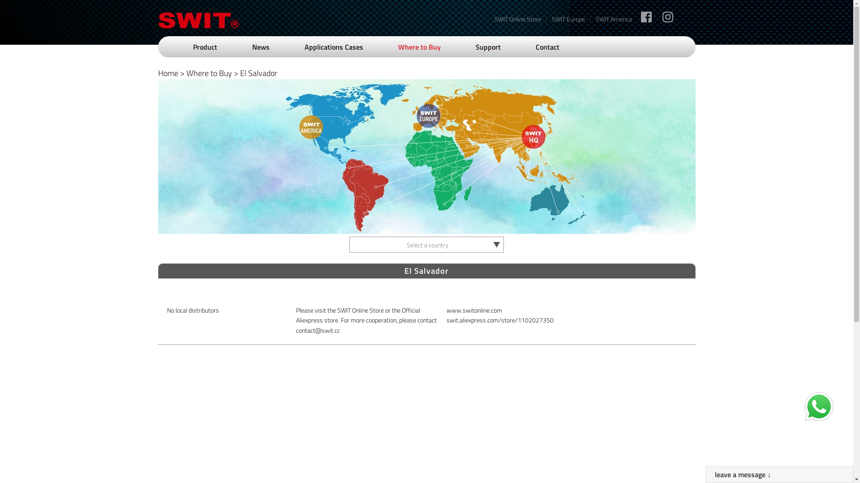 This screenshot has width=860, height=483. I want to click on 'SWIT America', so click(613, 19).